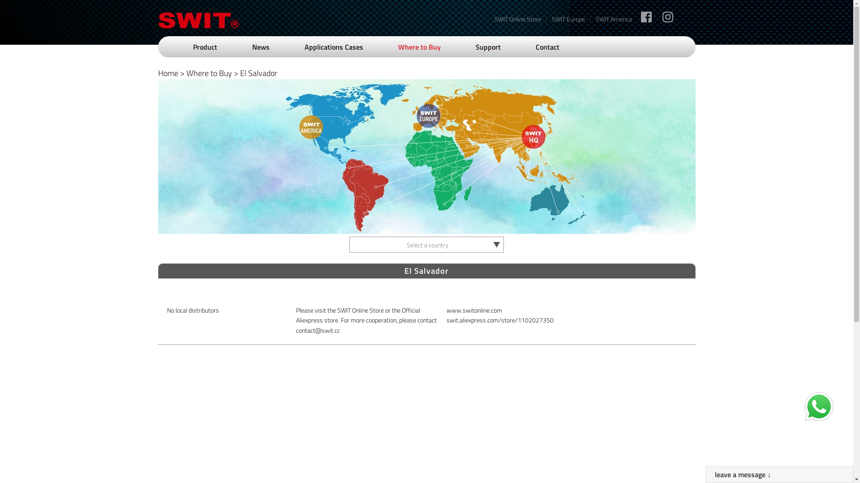 This screenshot has width=860, height=483. I want to click on 'SWIT America', so click(613, 19).